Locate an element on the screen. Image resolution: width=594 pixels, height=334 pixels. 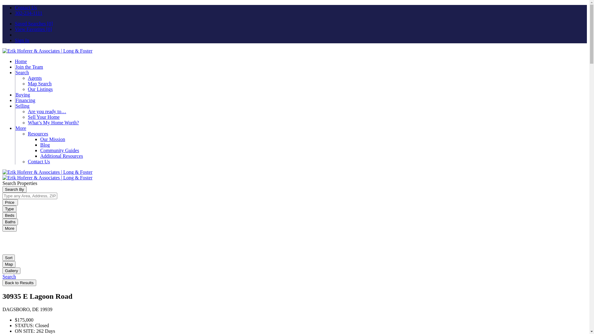
'Map' is located at coordinates (9, 264).